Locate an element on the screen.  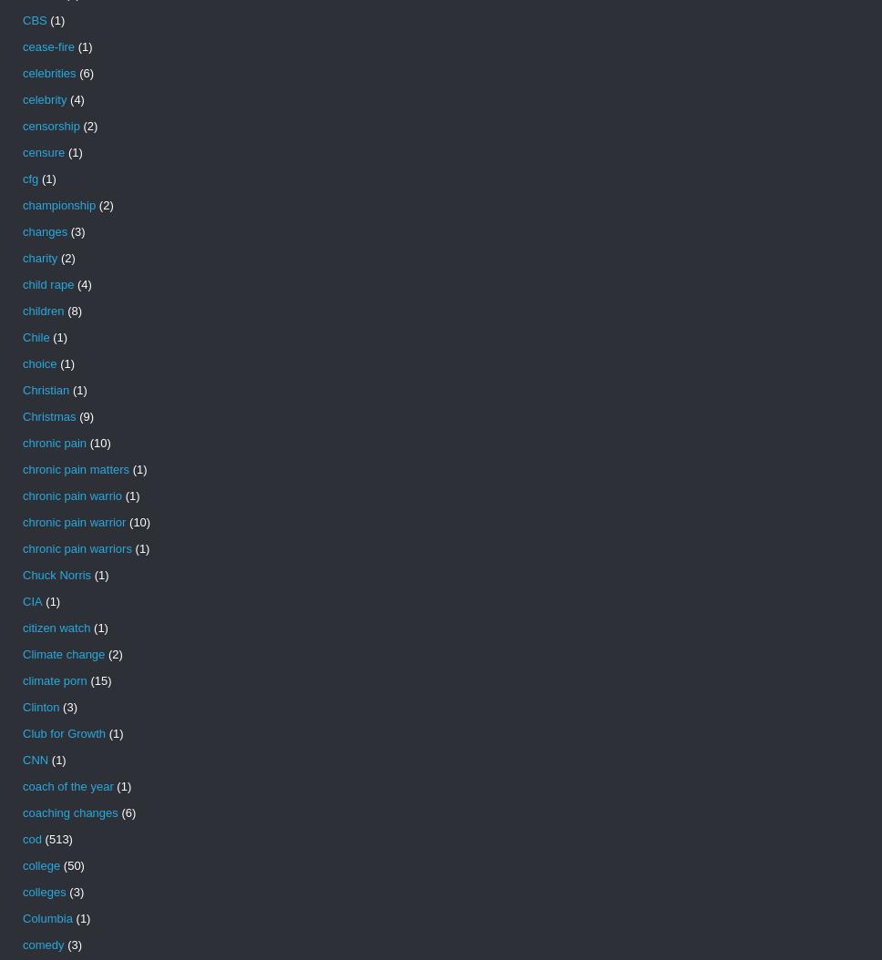
'championship' is located at coordinates (57, 205).